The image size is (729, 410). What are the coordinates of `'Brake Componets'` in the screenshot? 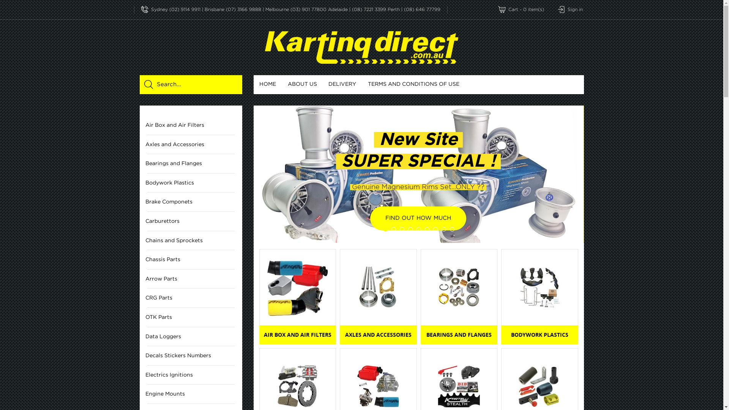 It's located at (191, 202).